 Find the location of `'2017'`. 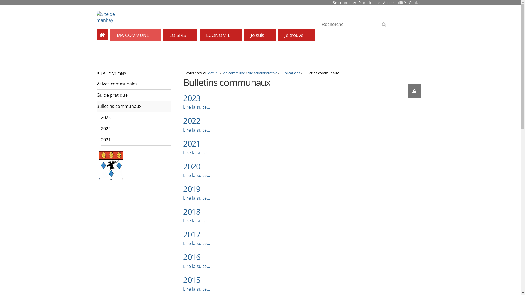

'2017' is located at coordinates (191, 234).